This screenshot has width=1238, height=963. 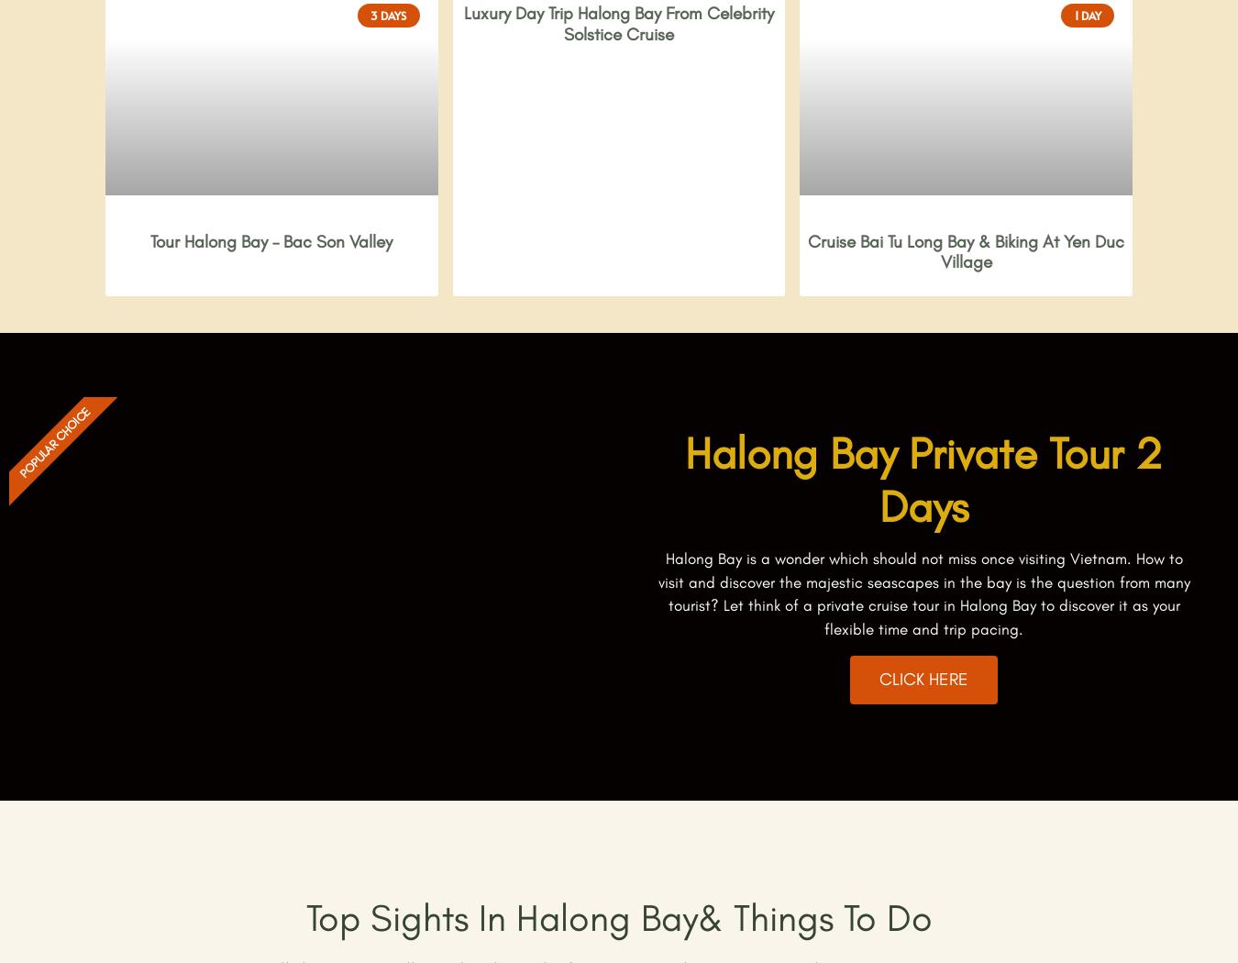 What do you see at coordinates (388, 16) in the screenshot?
I see `'3 Days'` at bounding box center [388, 16].